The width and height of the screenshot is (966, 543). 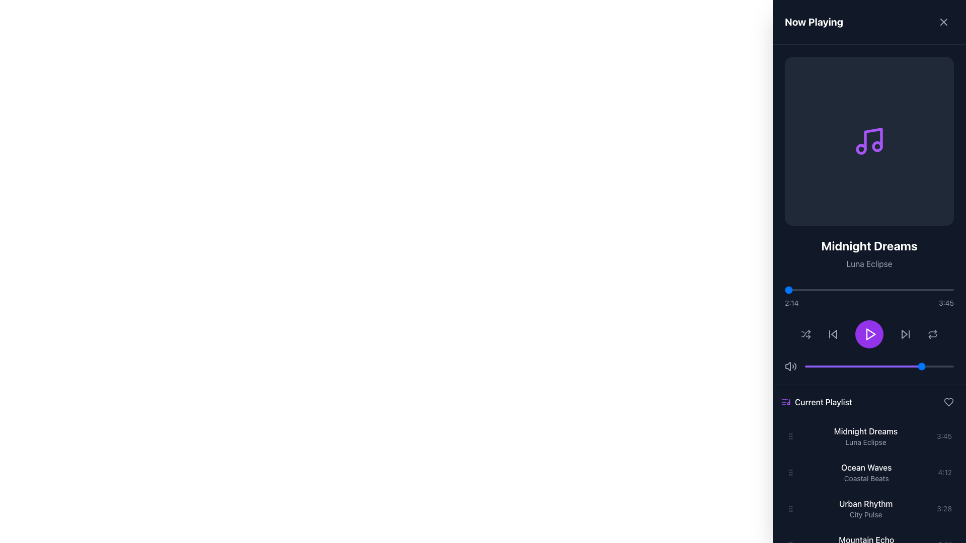 What do you see at coordinates (806, 334) in the screenshot?
I see `the shuffle icon, which resembles two intertwined arrows and is located between the play button and volume control in the music player controls area` at bounding box center [806, 334].